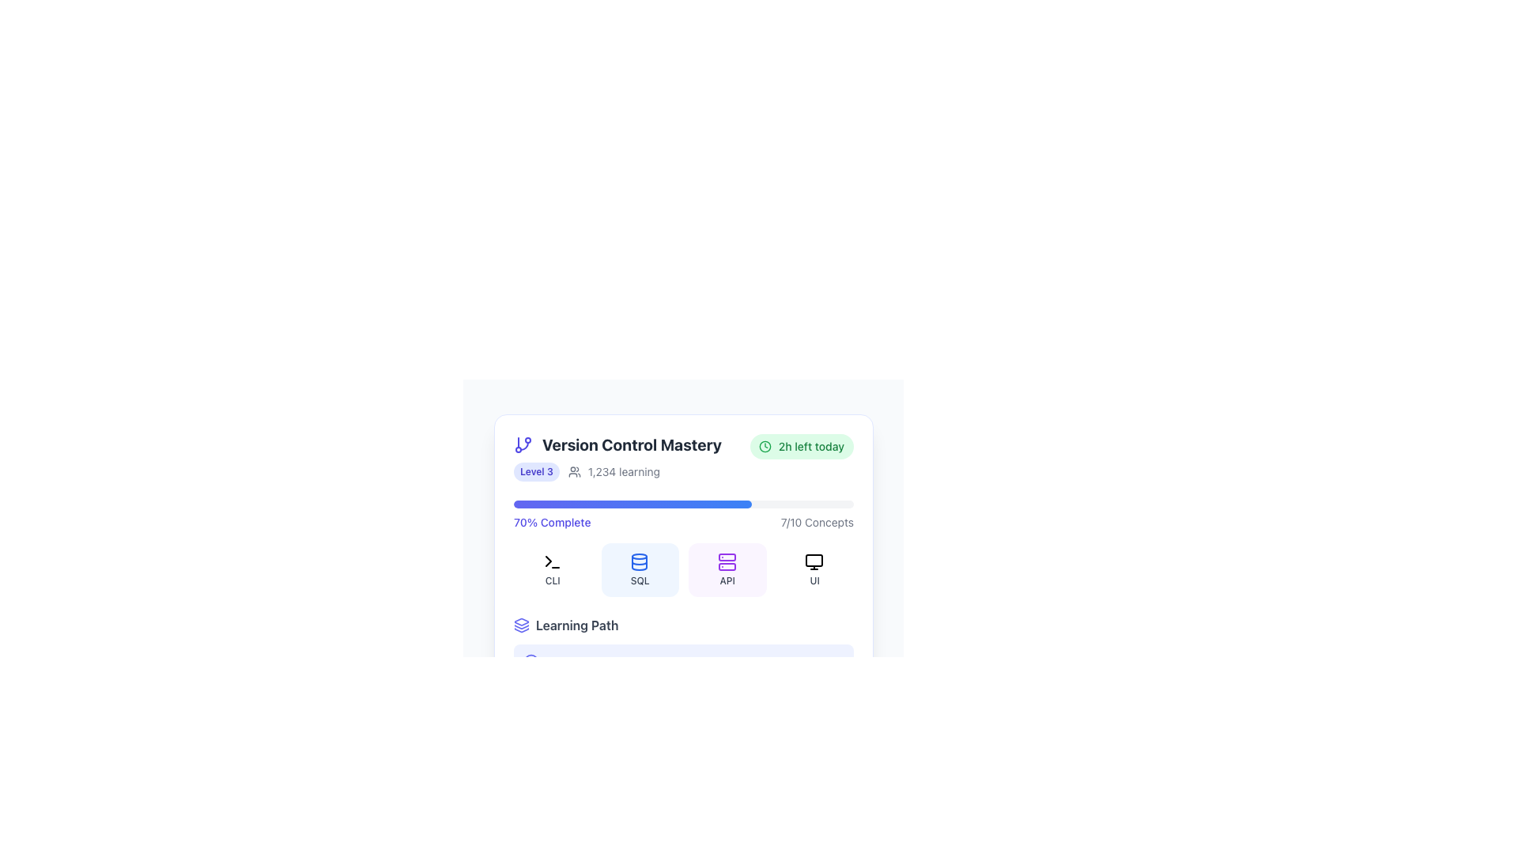 This screenshot has width=1518, height=854. I want to click on the information presented in the Category label with the icon for 'CLI', which features a terminal prompt symbol and is located in the top-left corner of a grid below the progress bar and header labeled 'Version Control Mastery', so click(552, 570).